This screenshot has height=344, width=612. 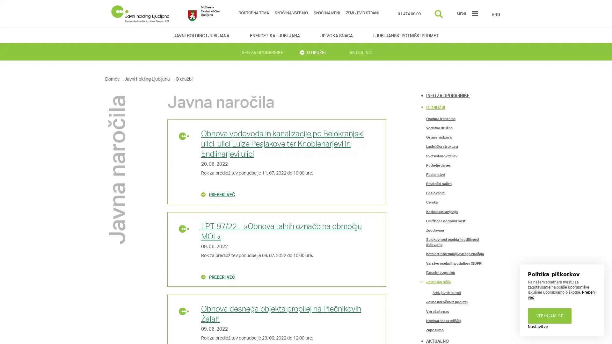 What do you see at coordinates (421, 281) in the screenshot?
I see `Razsiri meni` at bounding box center [421, 281].